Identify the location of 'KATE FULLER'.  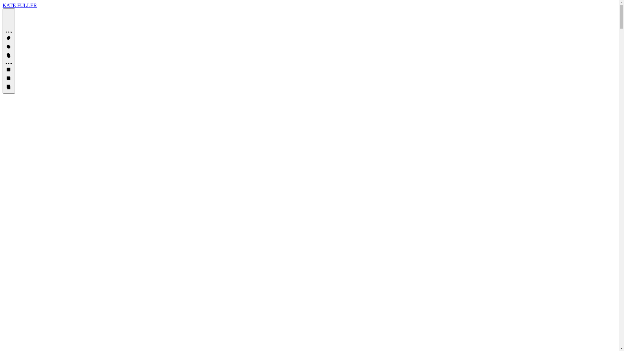
(19, 5).